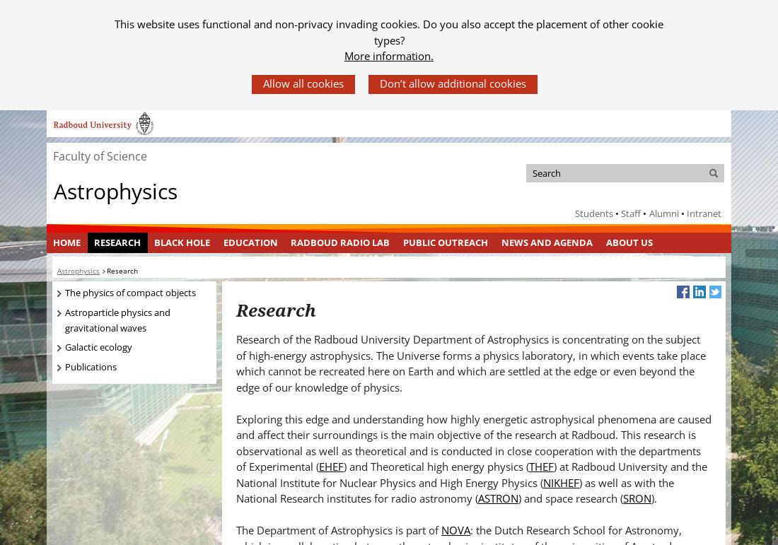  What do you see at coordinates (93, 242) in the screenshot?
I see `'Research'` at bounding box center [93, 242].